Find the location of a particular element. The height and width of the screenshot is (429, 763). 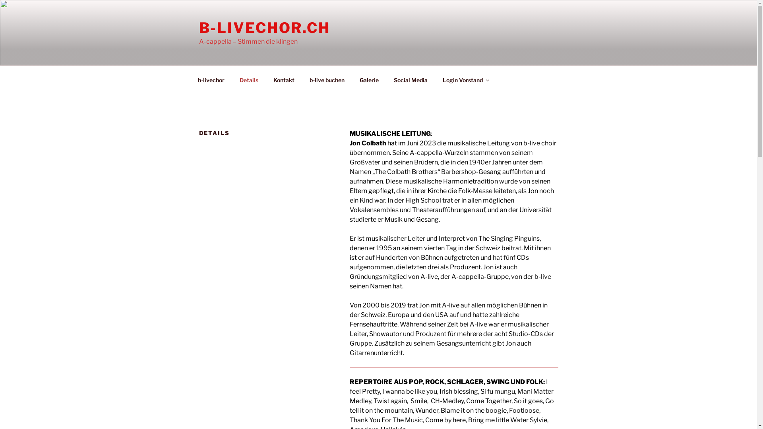

'B-LIVECHOR.CH' is located at coordinates (264, 27).